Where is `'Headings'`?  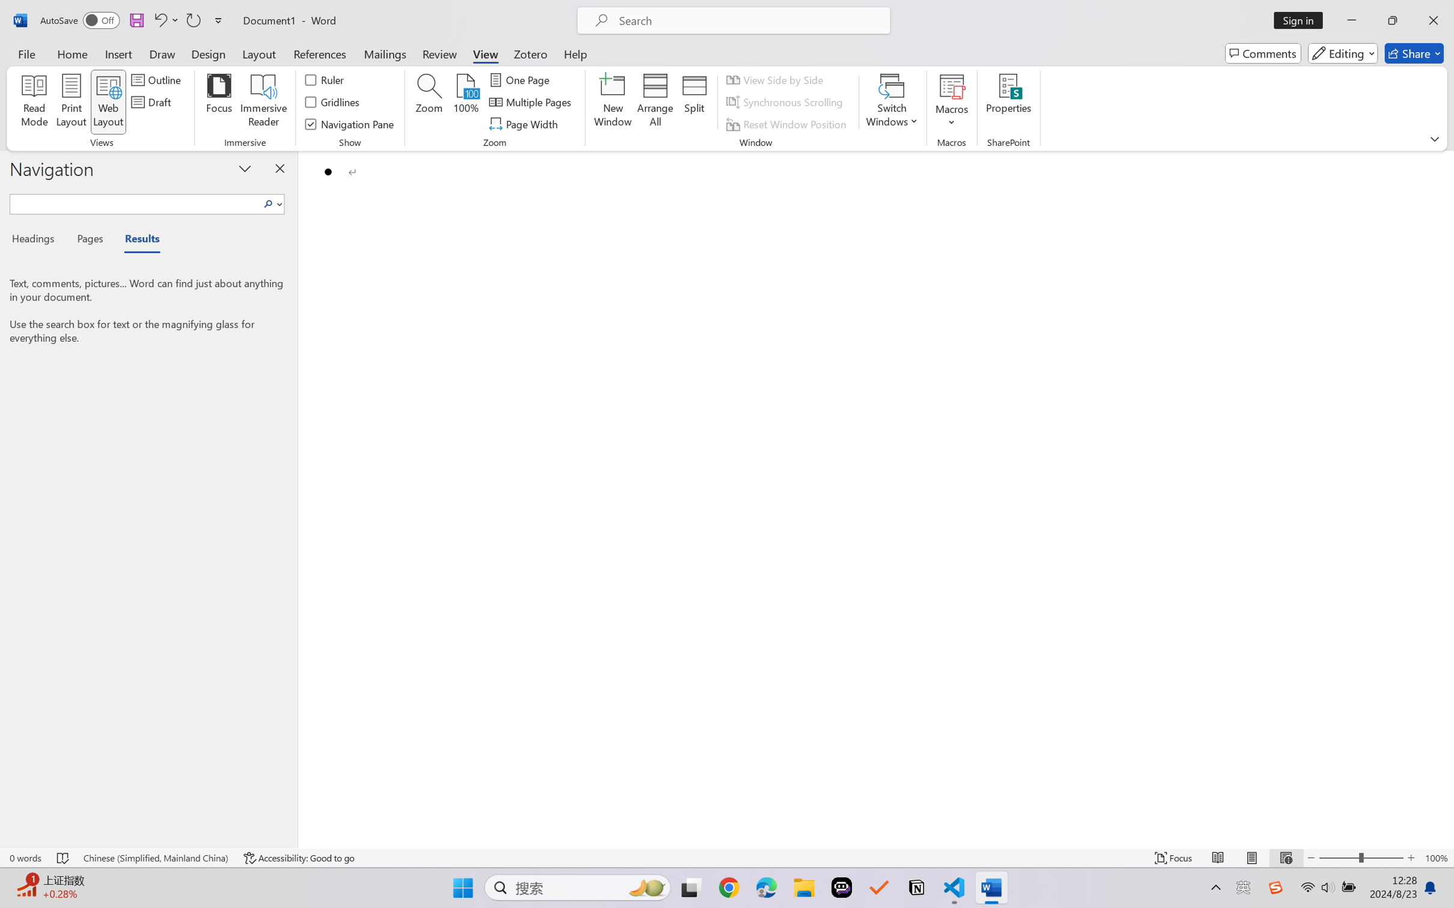
'Headings' is located at coordinates (37, 241).